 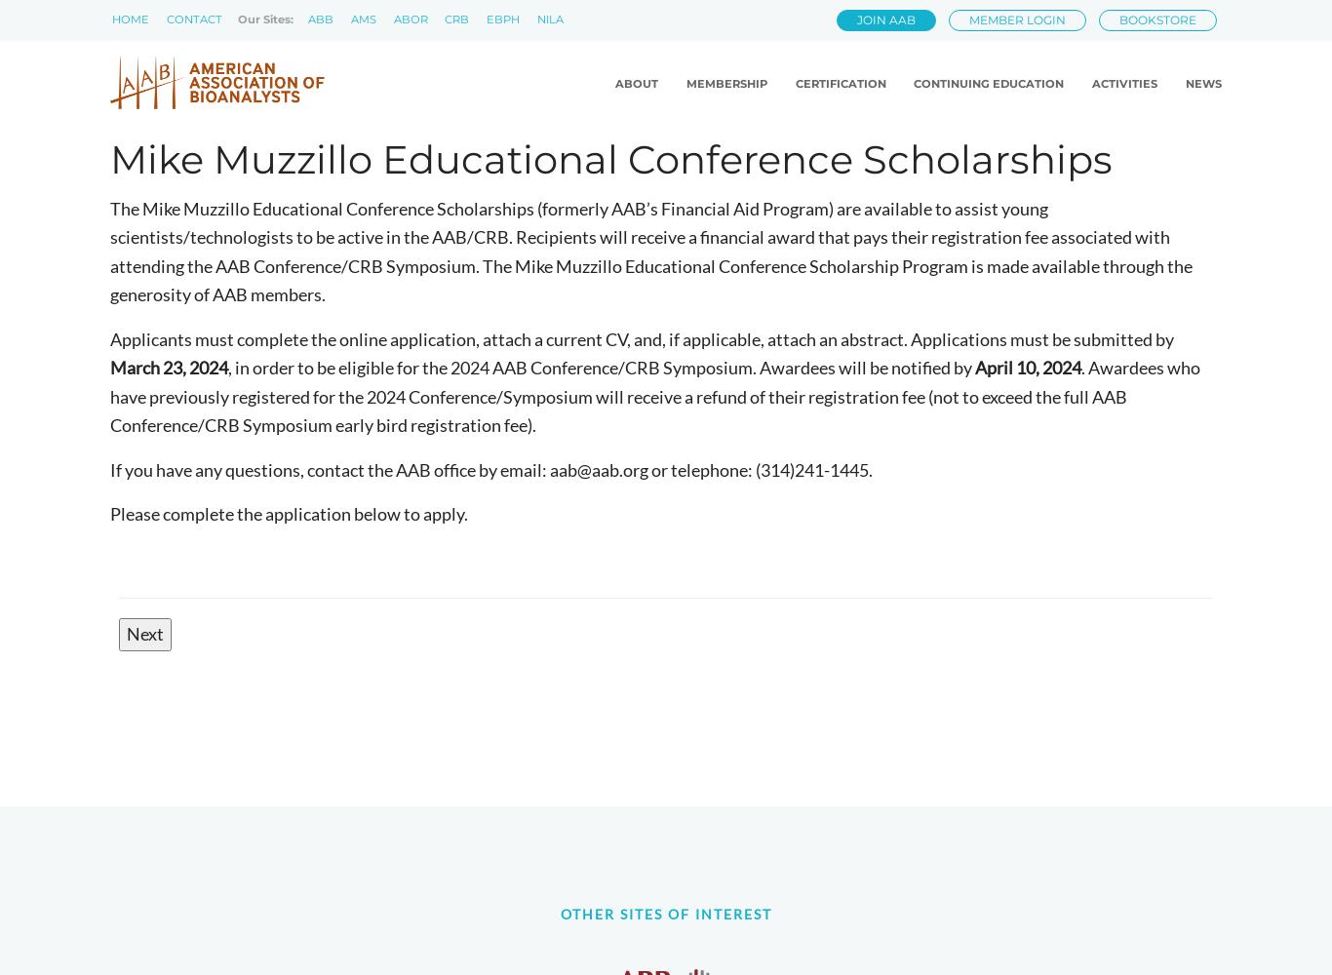 What do you see at coordinates (666, 110) in the screenshot?
I see `'Member'` at bounding box center [666, 110].